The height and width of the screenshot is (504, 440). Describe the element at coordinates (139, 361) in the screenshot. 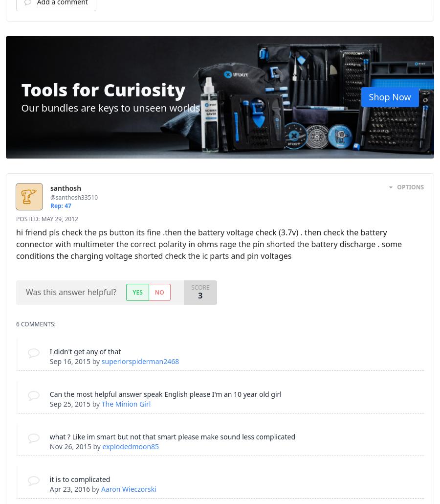

I see `'superiorspiderman2468'` at that location.